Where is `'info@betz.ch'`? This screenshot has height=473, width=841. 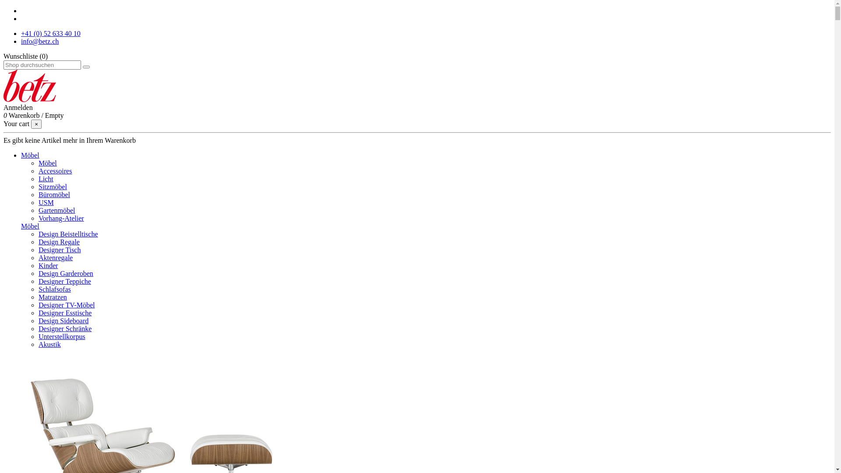
'info@betz.ch' is located at coordinates (39, 41).